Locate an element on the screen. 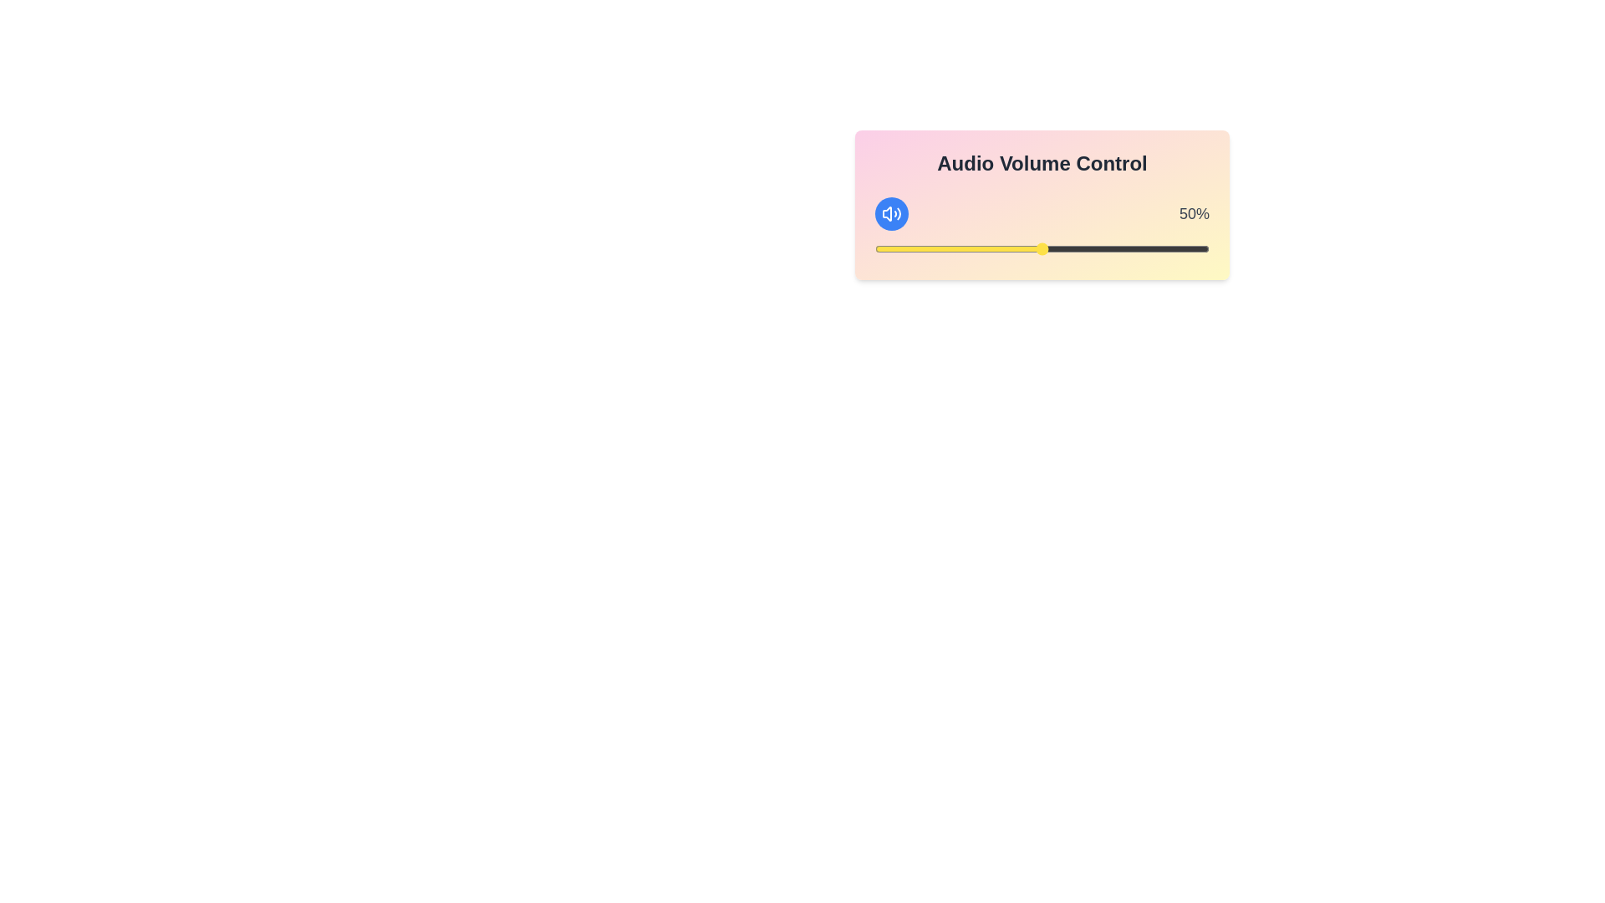  the volume to 6% by dragging the slider is located at coordinates (894, 248).